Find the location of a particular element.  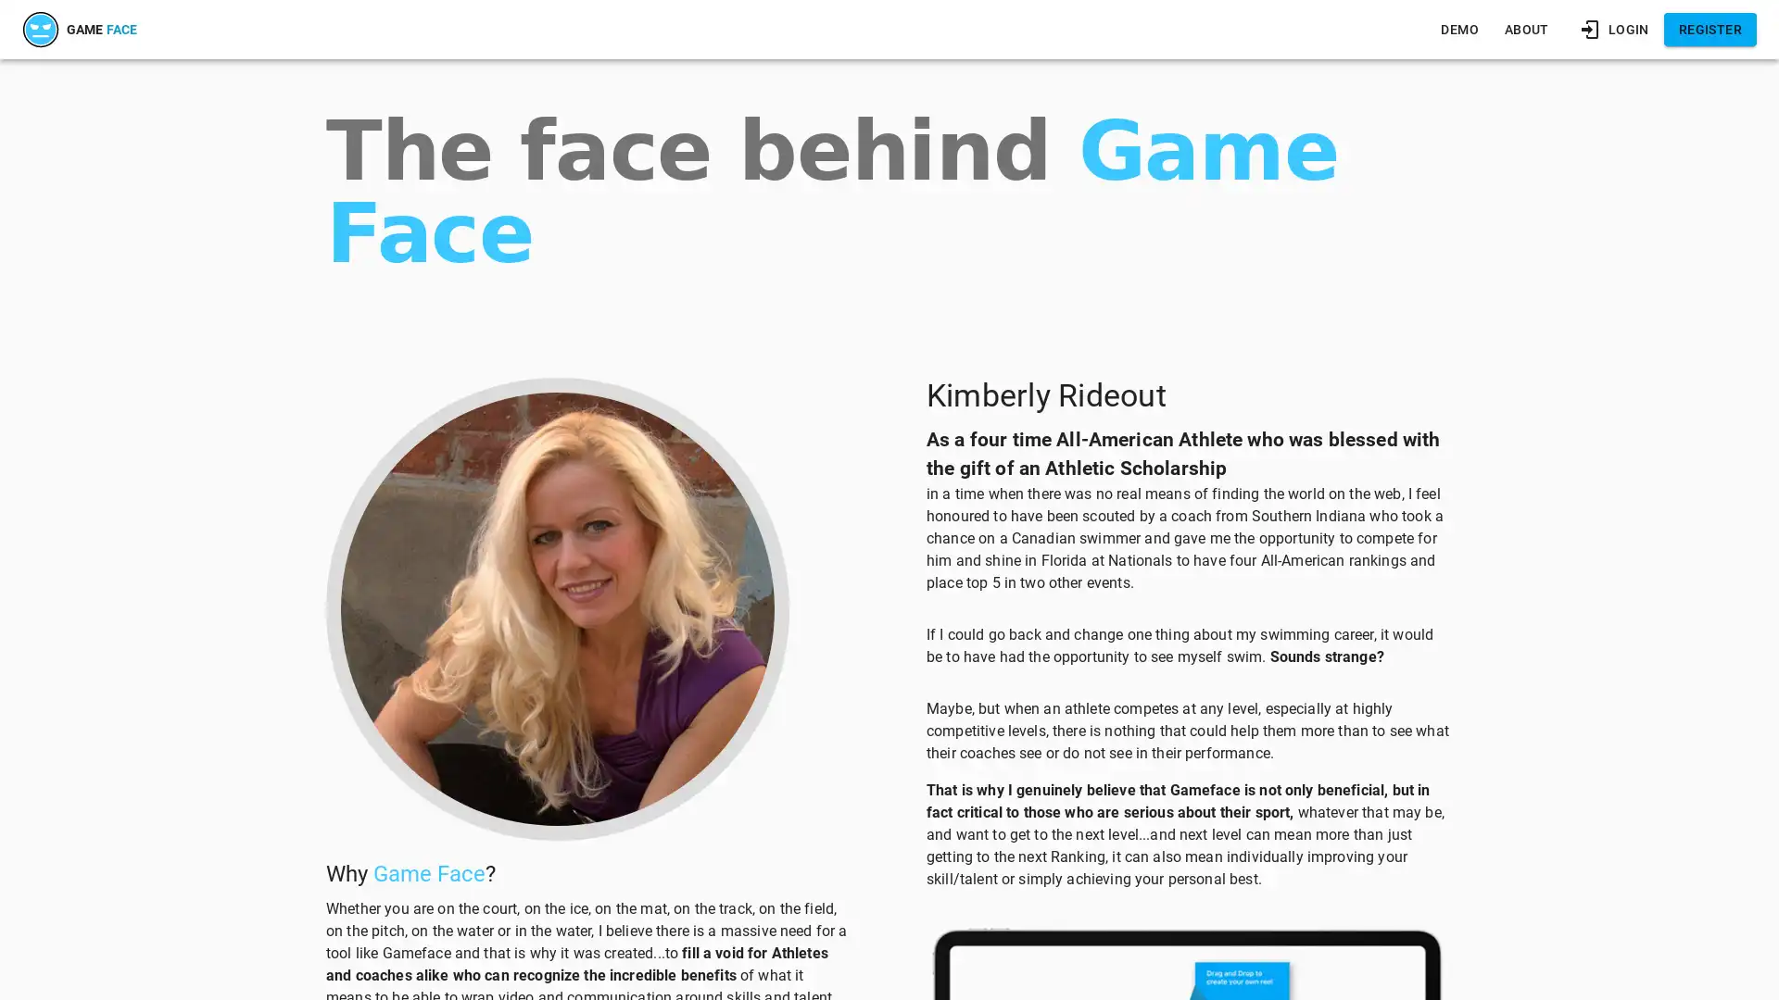

DEMO is located at coordinates (1457, 29).